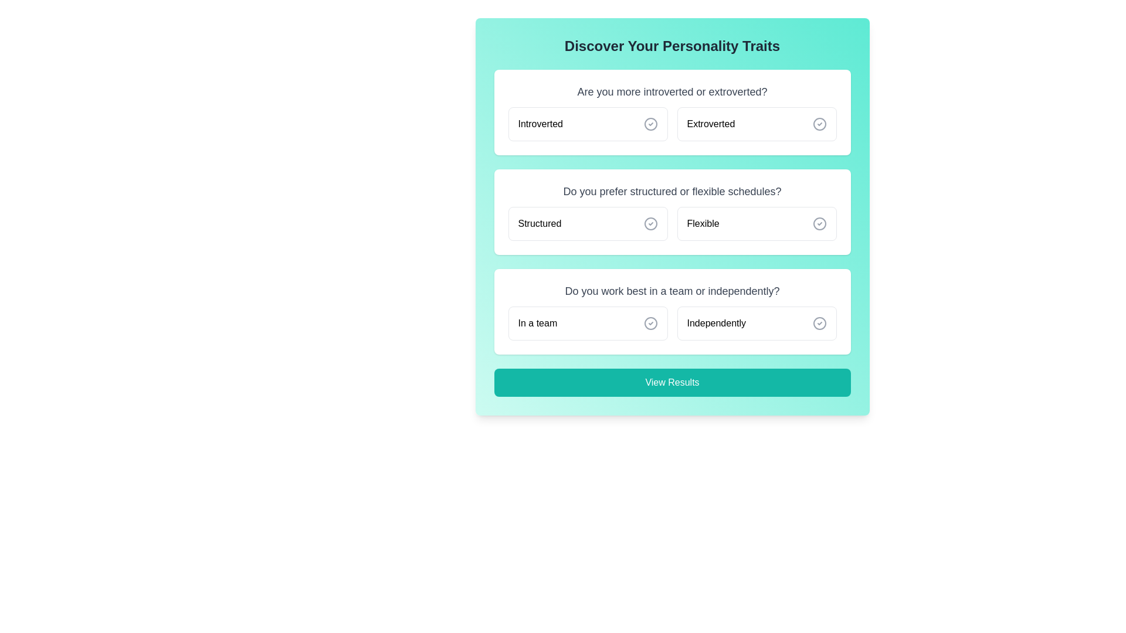  What do you see at coordinates (650, 223) in the screenshot?
I see `the radio button or status indicator icon representing the selected state for the 'Structured' option, located to the right of the text 'Structured' in the question 'Do you prefer structured or flexible schedules?'` at bounding box center [650, 223].